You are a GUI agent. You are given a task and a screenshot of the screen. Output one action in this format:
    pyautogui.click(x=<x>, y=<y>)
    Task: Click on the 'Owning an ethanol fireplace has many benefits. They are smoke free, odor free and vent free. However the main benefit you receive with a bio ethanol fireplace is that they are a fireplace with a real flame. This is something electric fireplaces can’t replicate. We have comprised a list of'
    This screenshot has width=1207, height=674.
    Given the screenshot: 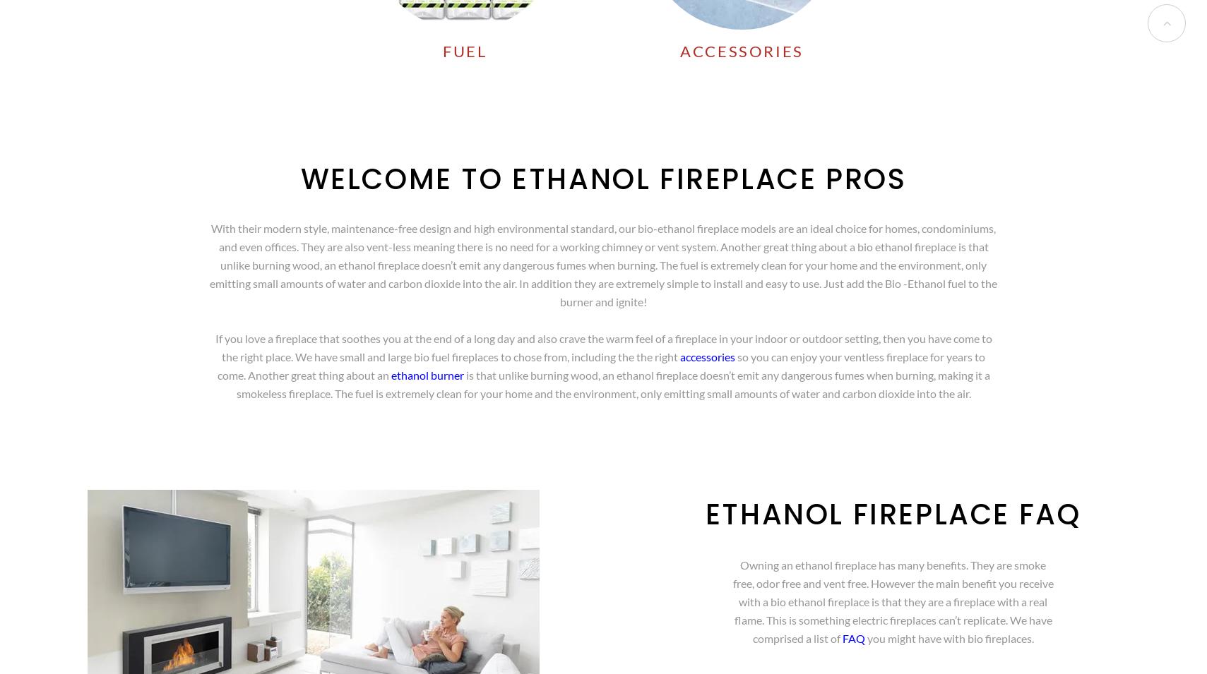 What is the action you would take?
    pyautogui.click(x=732, y=601)
    